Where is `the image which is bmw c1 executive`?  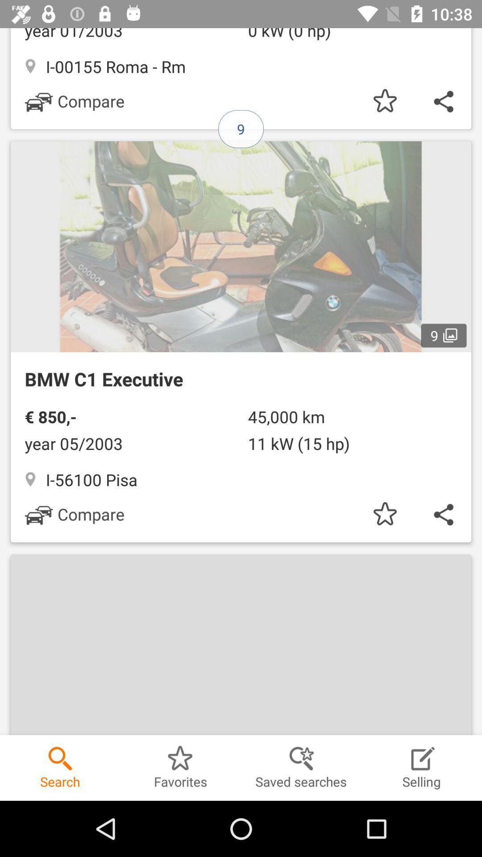
the image which is bmw c1 executive is located at coordinates (241, 337).